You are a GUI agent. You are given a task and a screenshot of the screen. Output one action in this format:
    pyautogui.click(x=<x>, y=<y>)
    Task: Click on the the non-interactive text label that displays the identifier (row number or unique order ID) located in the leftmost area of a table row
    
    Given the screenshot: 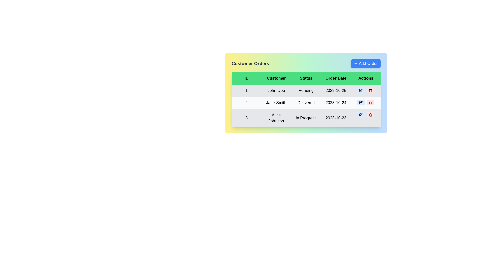 What is the action you would take?
    pyautogui.click(x=246, y=118)
    